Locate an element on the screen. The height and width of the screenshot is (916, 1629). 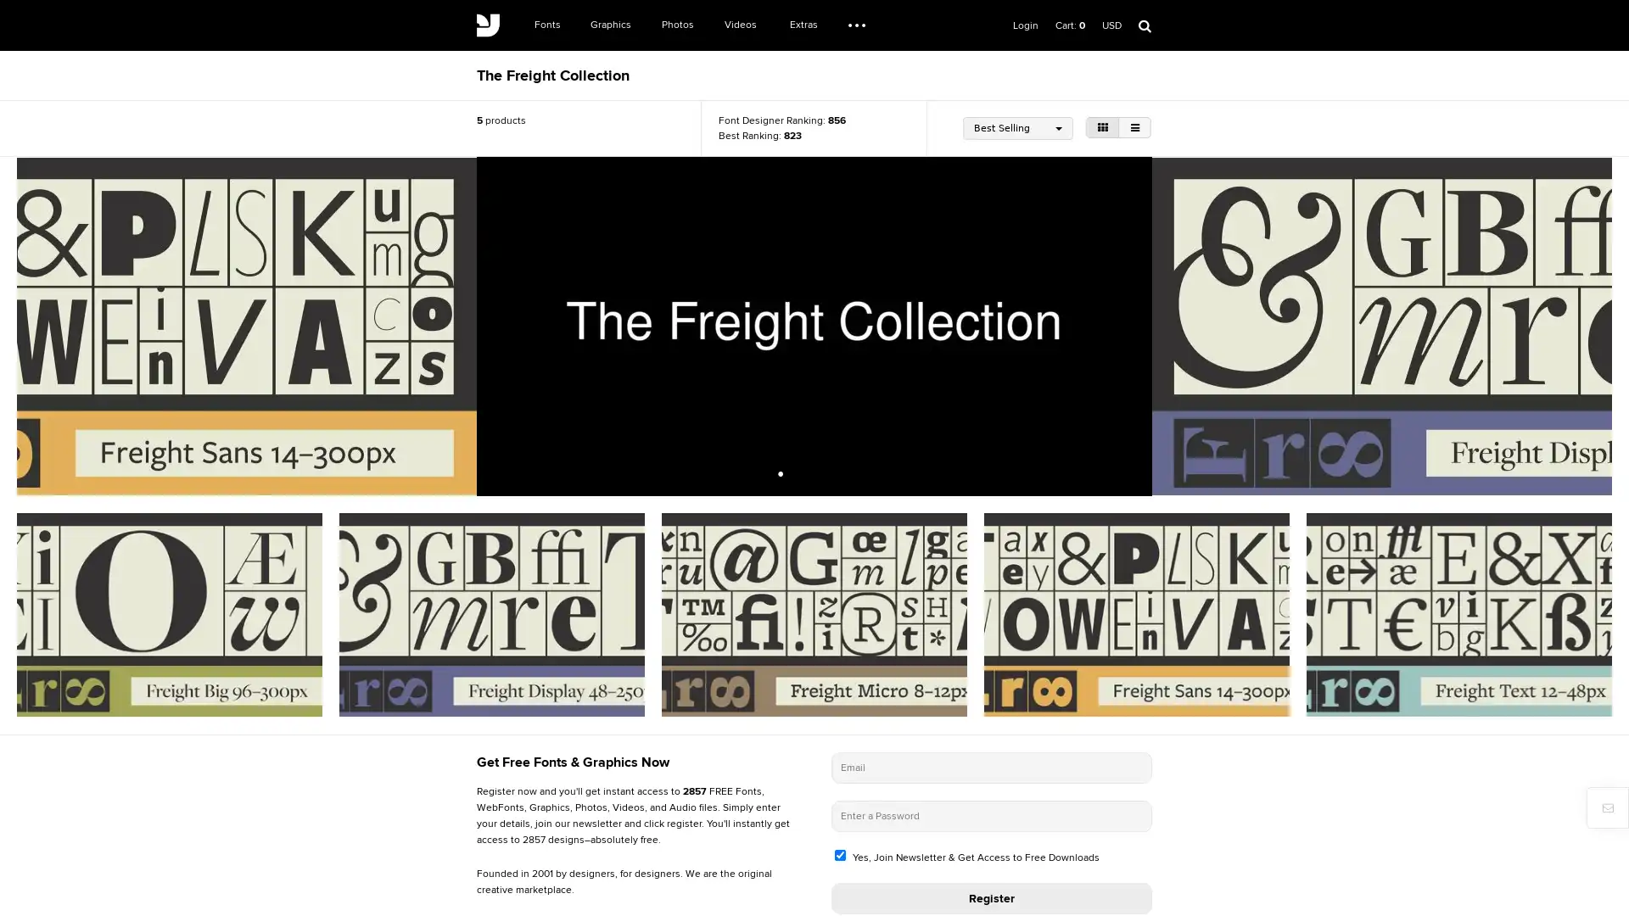
Best Selling is located at coordinates (1018, 127).